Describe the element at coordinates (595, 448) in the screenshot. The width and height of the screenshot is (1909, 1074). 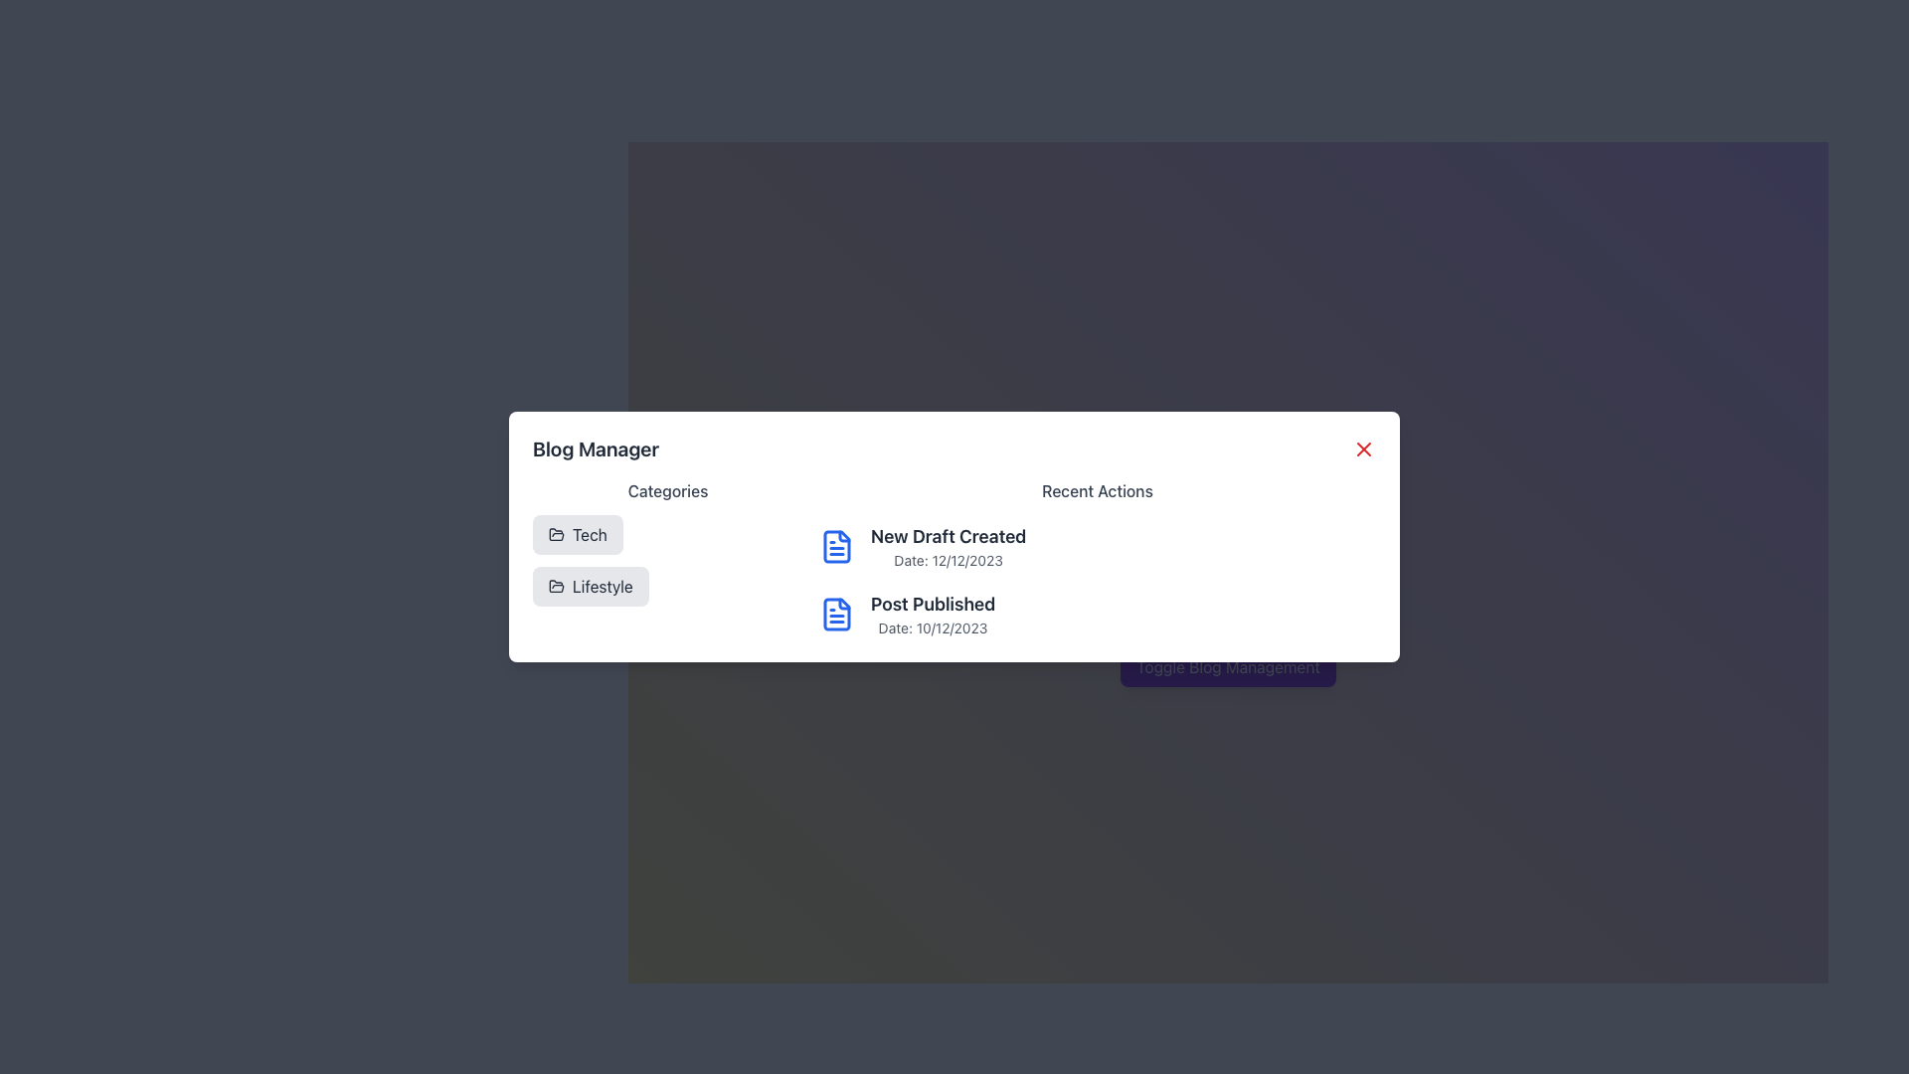
I see `the bold, large-sized black text label stating 'Blog Manager' located at the top-left corner of a white dialog box` at that location.